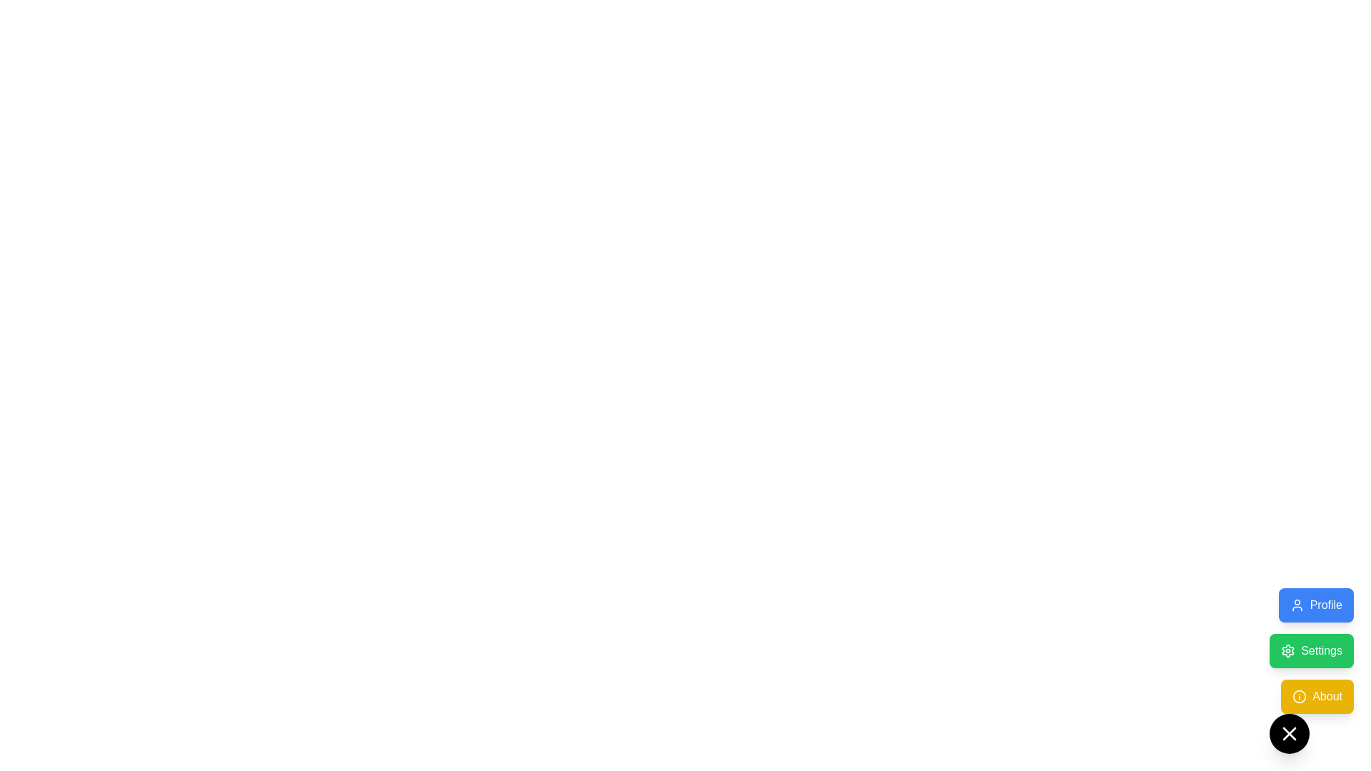 This screenshot has height=771, width=1371. I want to click on the icon within the 'Settings' button, which is the first graphical component to the left of its text, so click(1288, 650).